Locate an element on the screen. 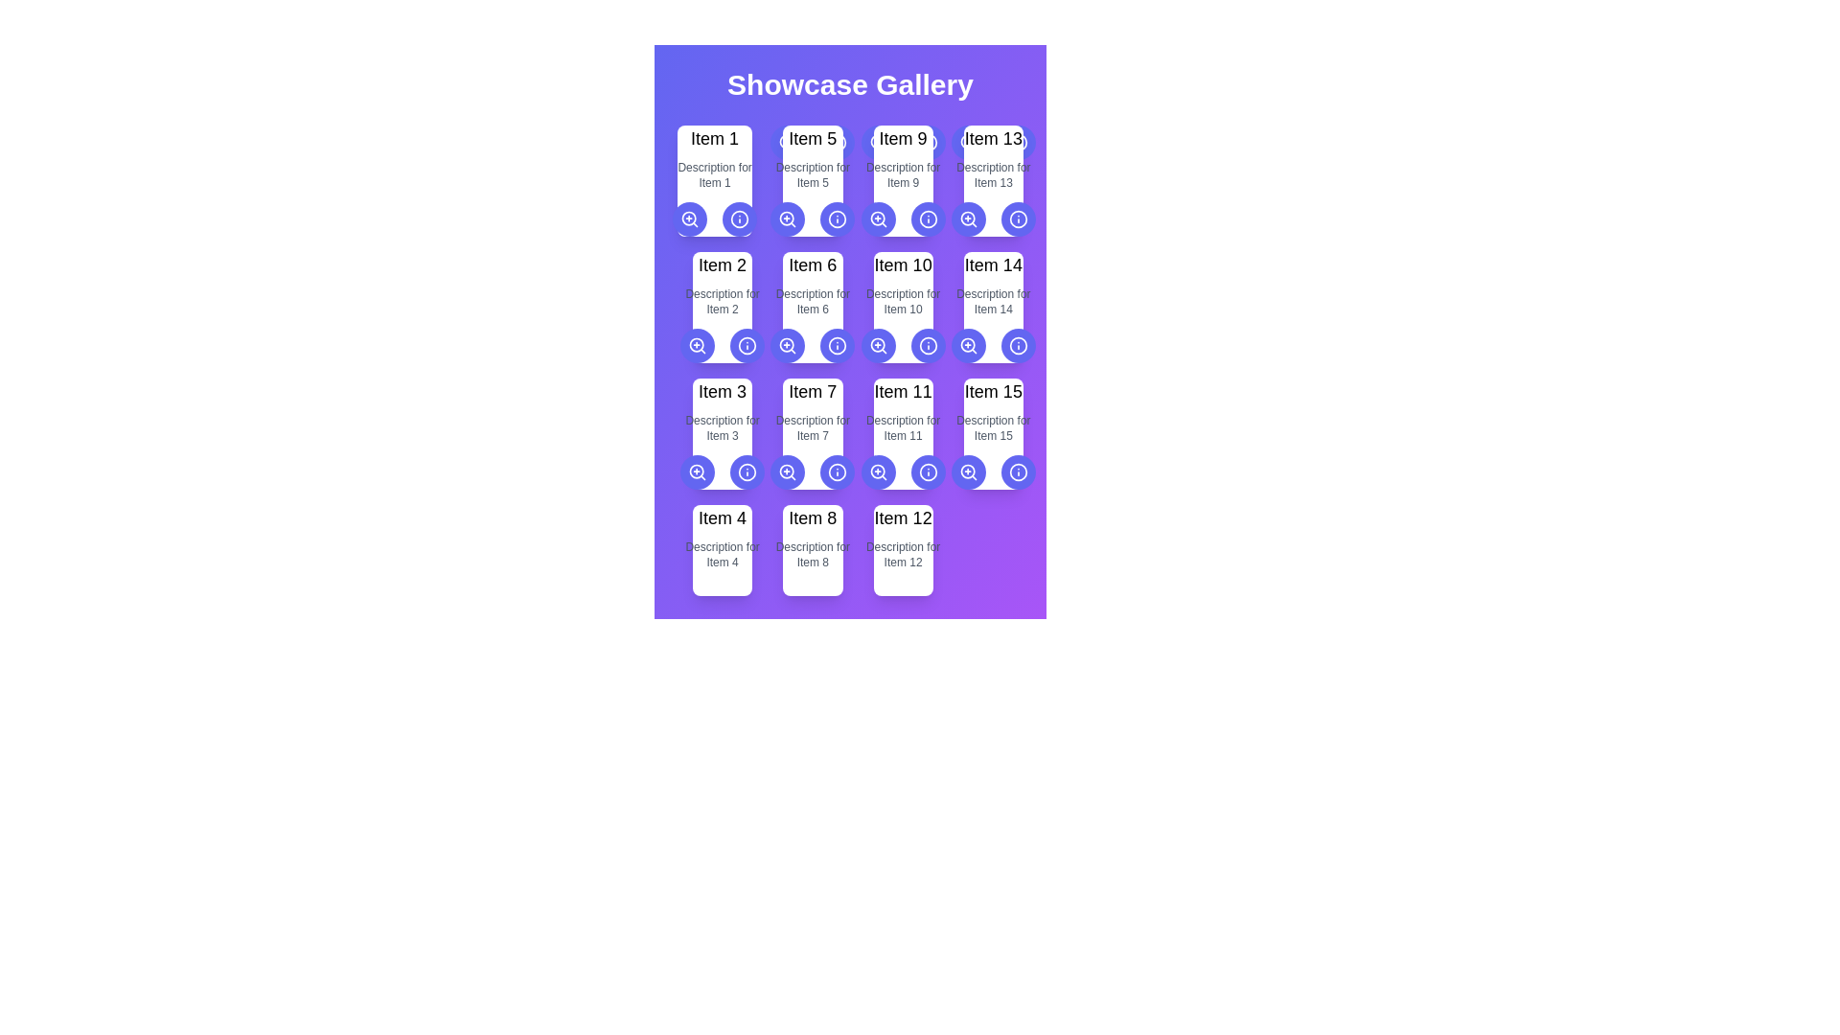 Image resolution: width=1840 pixels, height=1035 pixels. the circular information button located at the bottom right of the card labeled 'Item 2' is located at coordinates (722, 306).